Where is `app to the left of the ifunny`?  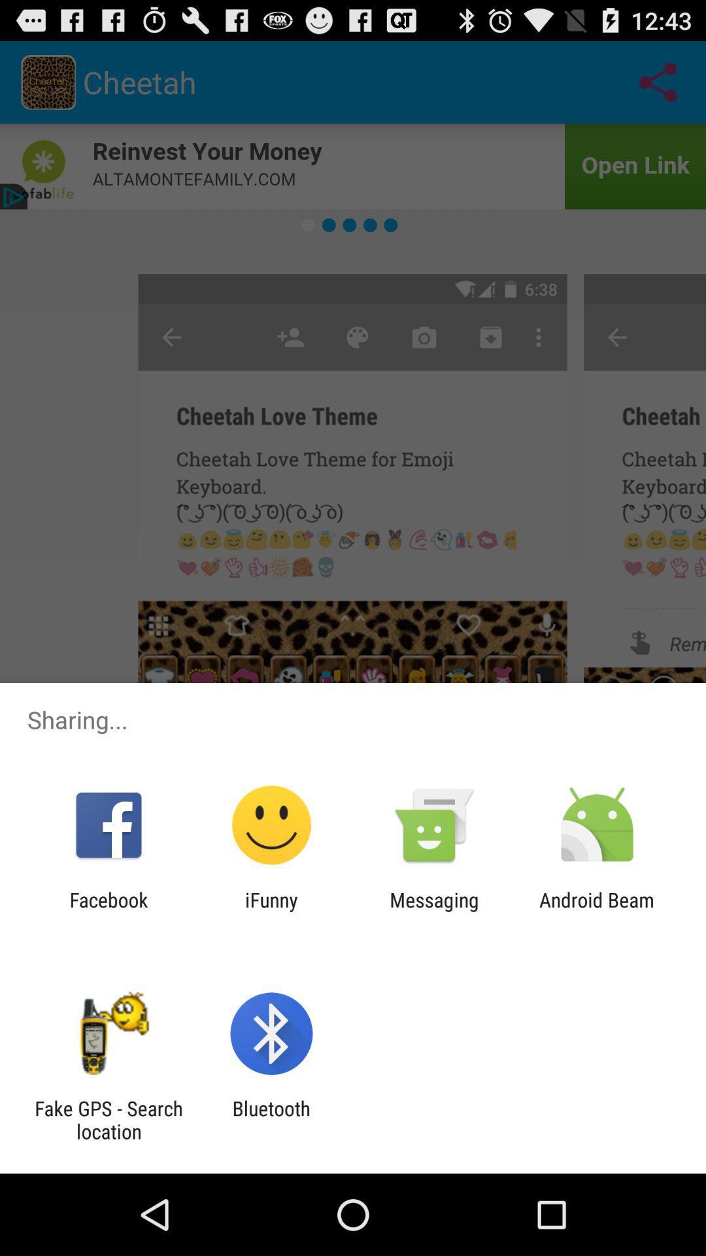
app to the left of the ifunny is located at coordinates (108, 911).